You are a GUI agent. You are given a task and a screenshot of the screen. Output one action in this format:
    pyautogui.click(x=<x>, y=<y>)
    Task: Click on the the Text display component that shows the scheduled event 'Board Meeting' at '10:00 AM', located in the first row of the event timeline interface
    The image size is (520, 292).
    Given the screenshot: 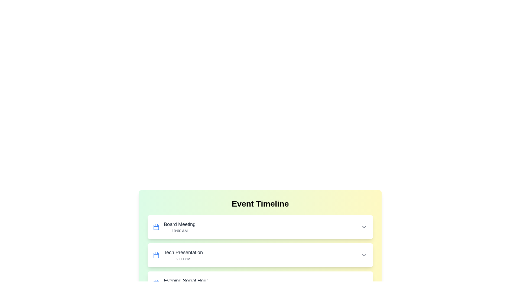 What is the action you would take?
    pyautogui.click(x=180, y=227)
    